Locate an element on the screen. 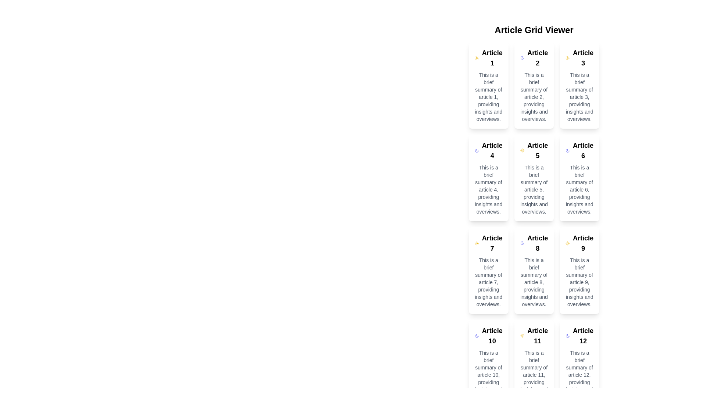 This screenshot has width=706, height=397. the title text of the seventh article in the Article Grid Viewer is located at coordinates (492, 243).